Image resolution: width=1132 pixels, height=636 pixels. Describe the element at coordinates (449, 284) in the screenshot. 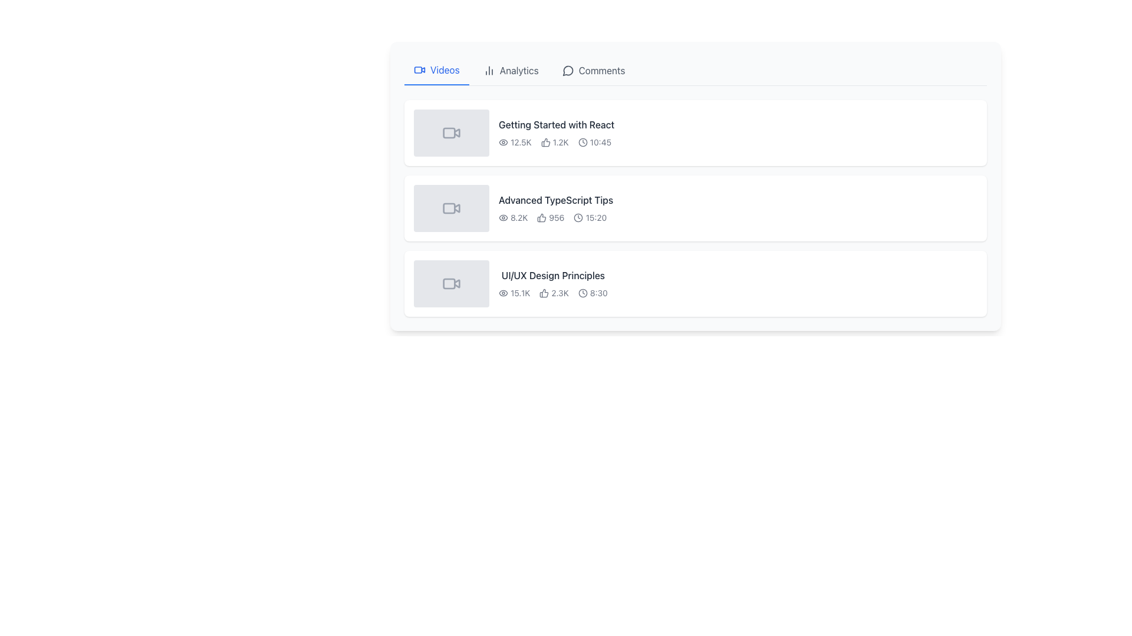

I see `the decorative shape that indicates recording or live broadcast status within the video camera icon for the list item titled 'UI/UX Design Principles', which is the third item in the vertical list of video items` at that location.